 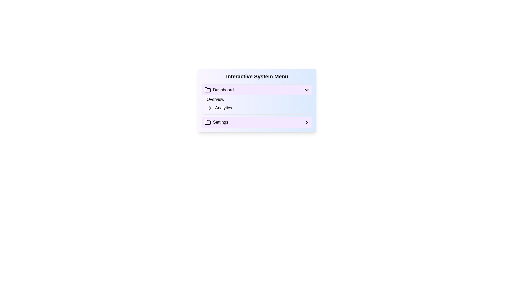 I want to click on the 'Dashboard' label with the folder icon located at the top-left corner of the collapsible section in the interactive system menu for tooltip or highlight effect, so click(x=219, y=90).